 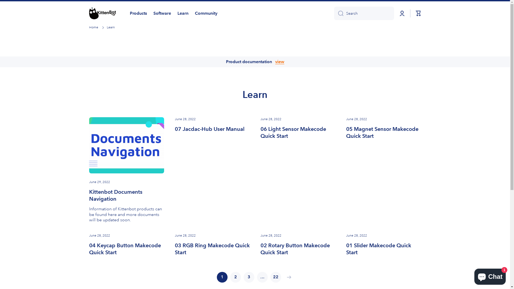 What do you see at coordinates (276, 277) in the screenshot?
I see `'22'` at bounding box center [276, 277].